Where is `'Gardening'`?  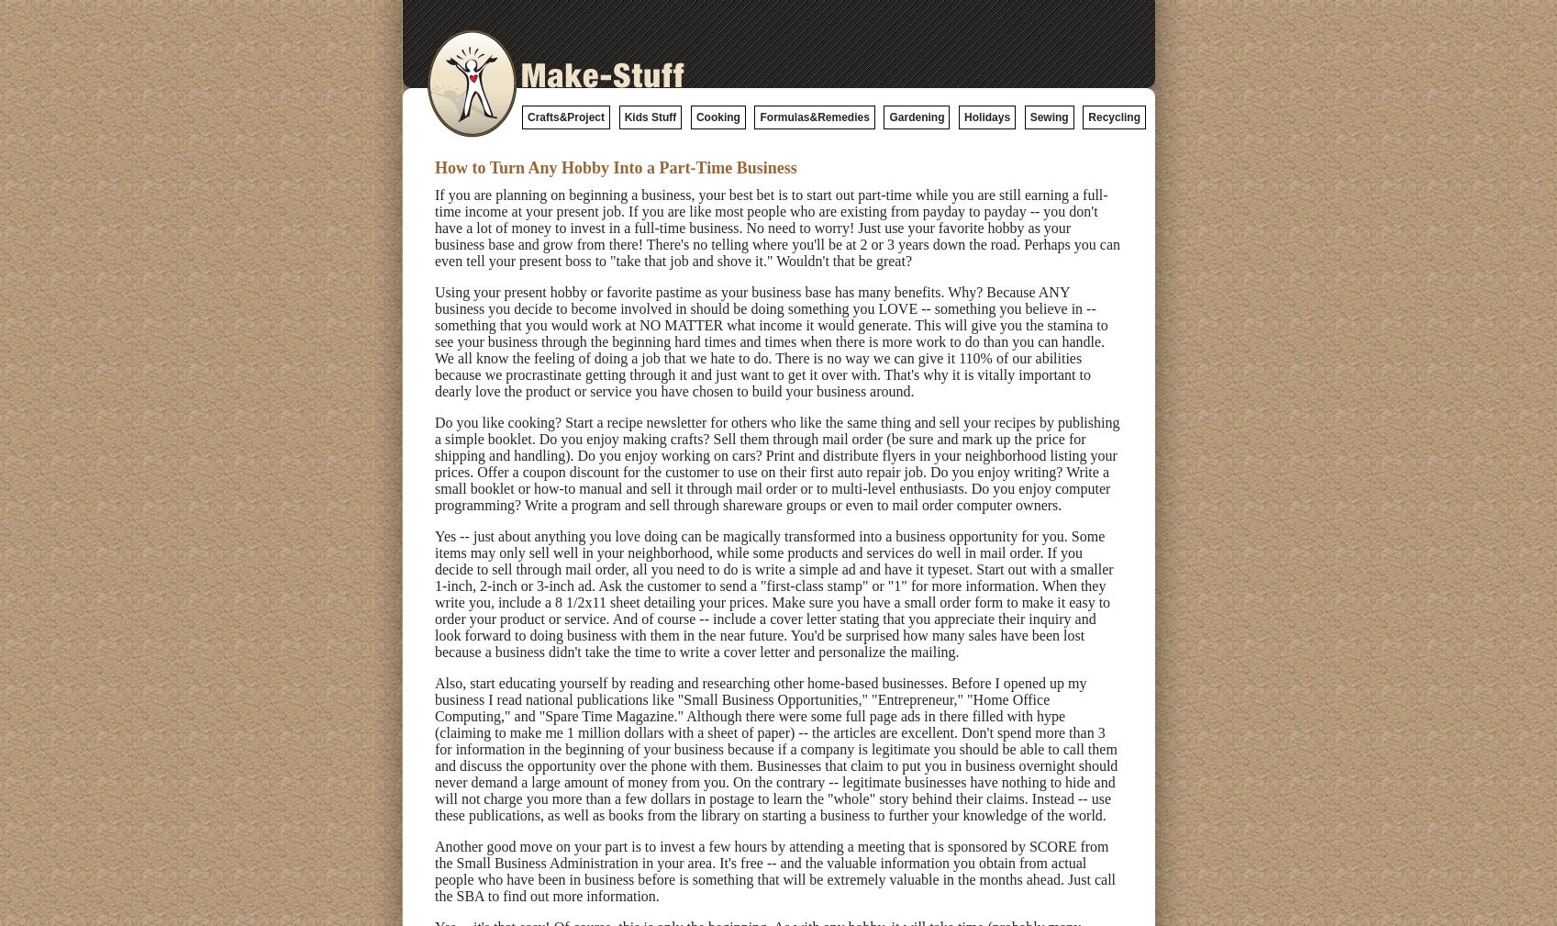 'Gardening' is located at coordinates (917, 117).